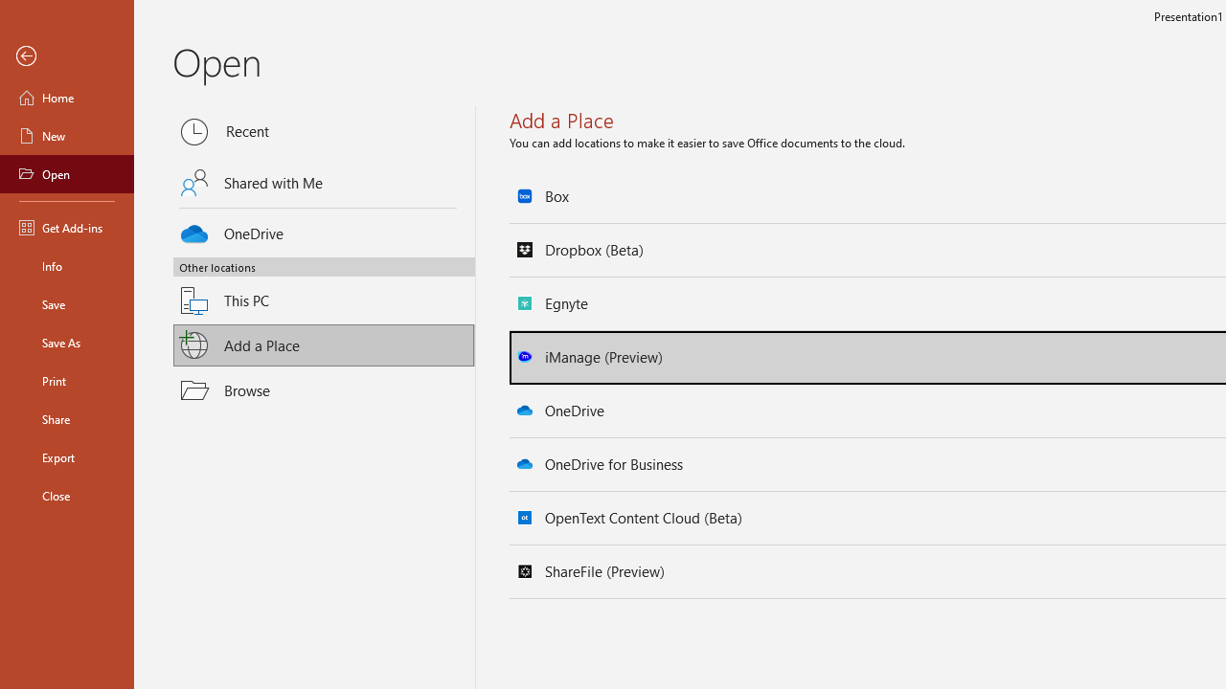  Describe the element at coordinates (66, 134) in the screenshot. I see `'New'` at that location.